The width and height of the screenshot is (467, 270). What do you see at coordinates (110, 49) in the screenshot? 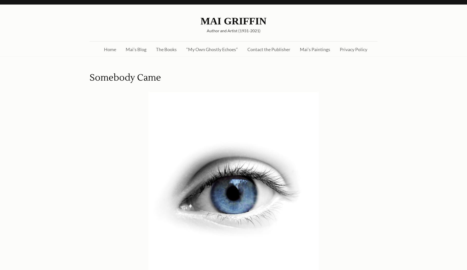
I see `'Home'` at bounding box center [110, 49].